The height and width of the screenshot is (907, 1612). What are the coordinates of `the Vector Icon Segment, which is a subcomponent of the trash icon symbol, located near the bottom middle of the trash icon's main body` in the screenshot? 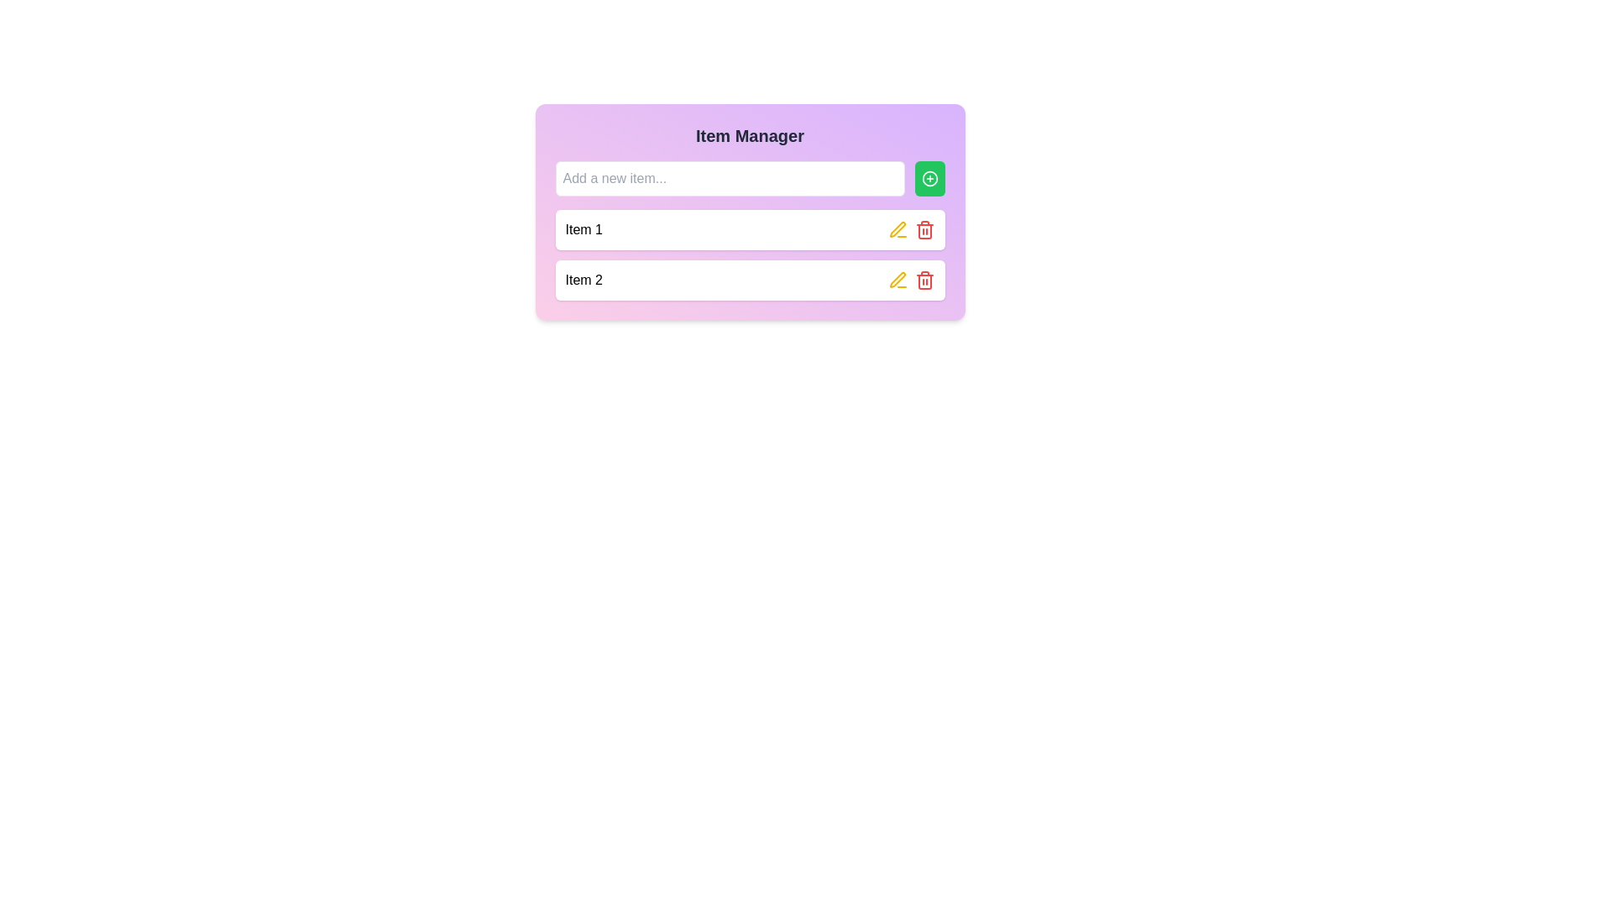 It's located at (924, 280).